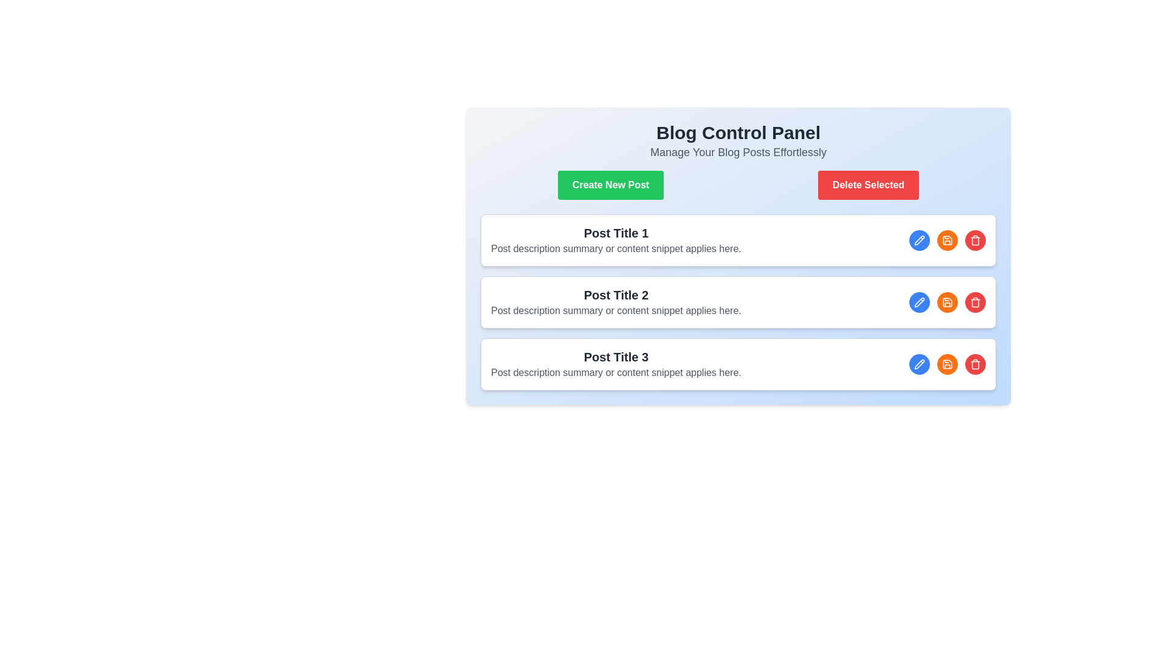 This screenshot has height=656, width=1167. I want to click on text of the prominent heading that says 'Blog Control Panel', which is styled in bold and located at the center of the content area, so click(737, 133).